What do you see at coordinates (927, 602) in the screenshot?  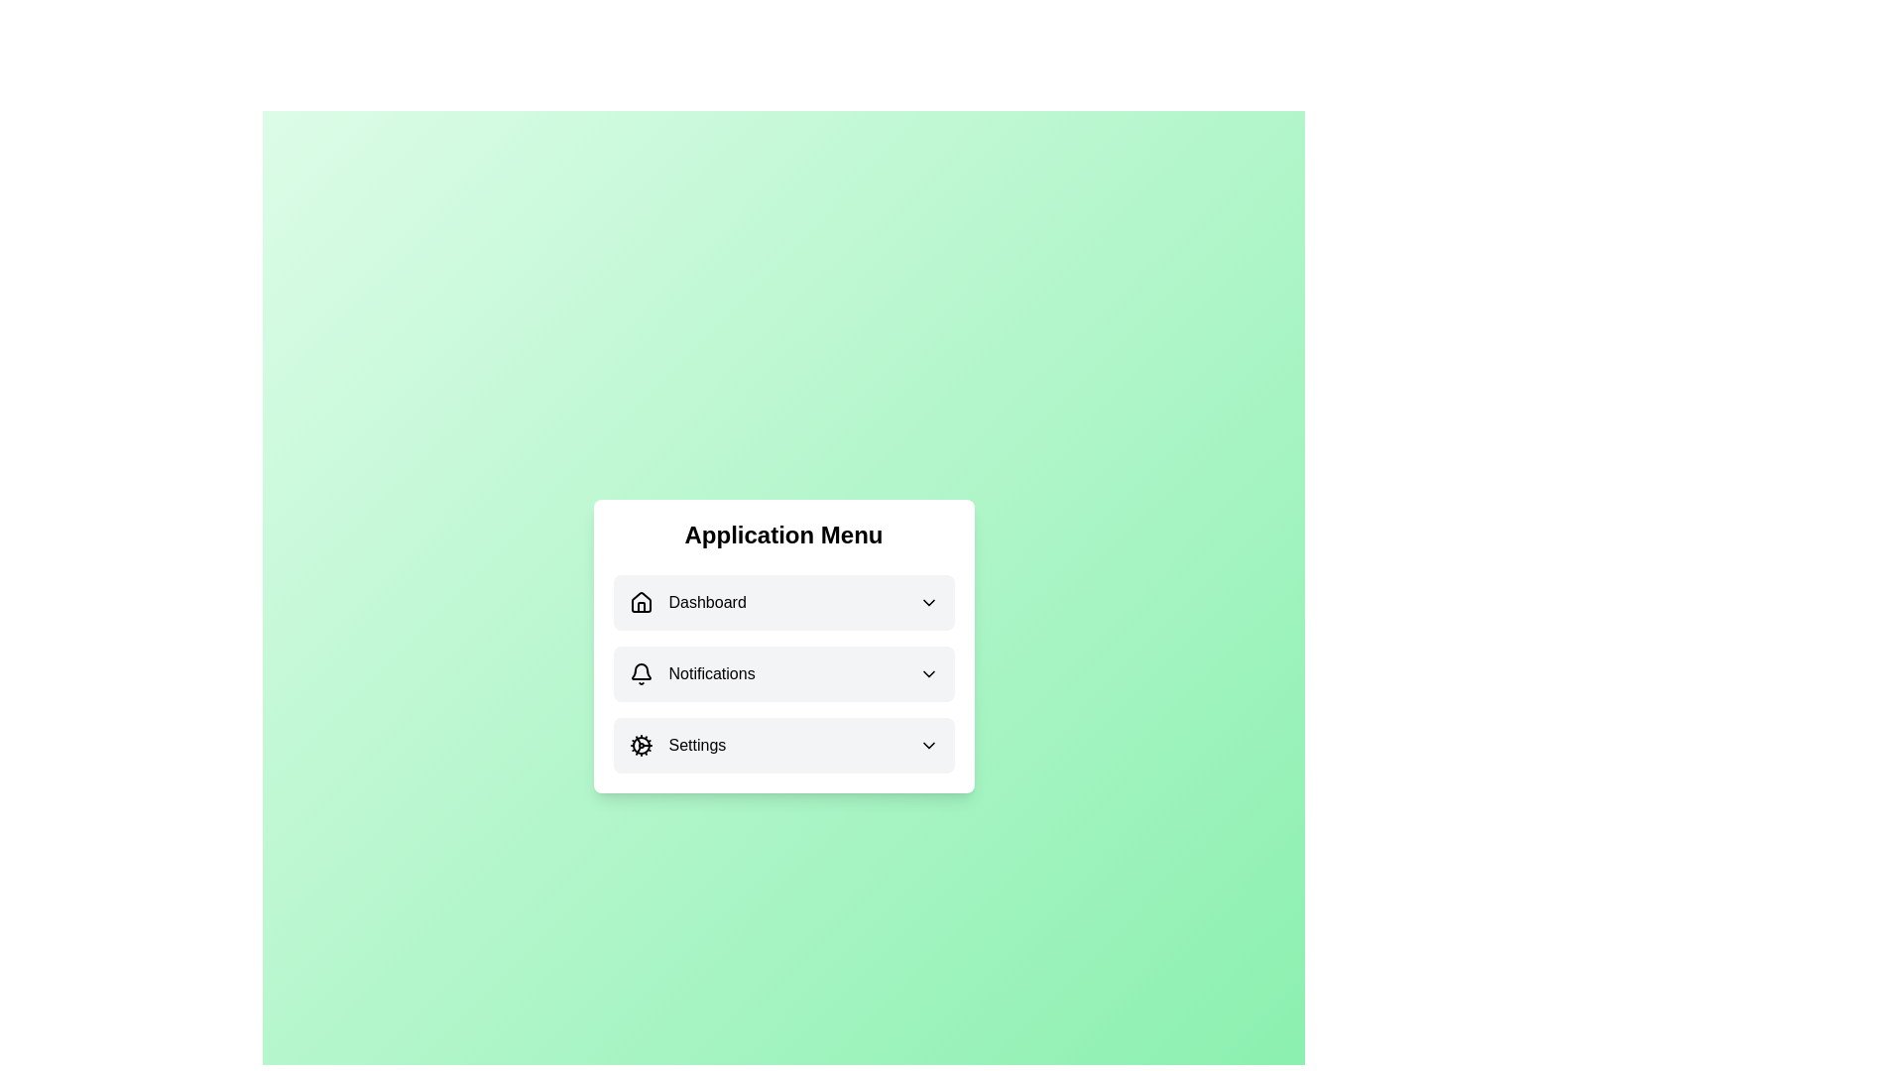 I see `the toggle icon on the far-right side of the 'Dashboard' menu` at bounding box center [927, 602].